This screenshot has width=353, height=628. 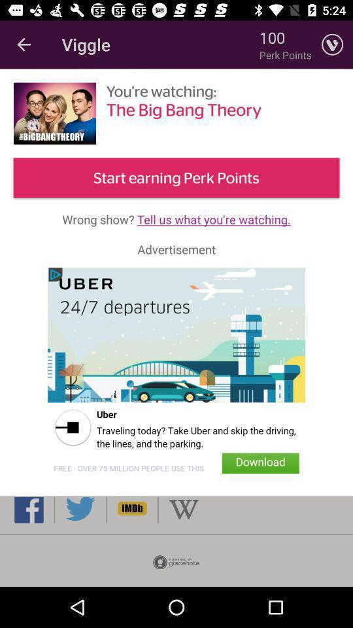 I want to click on advertisement click option, so click(x=176, y=375).